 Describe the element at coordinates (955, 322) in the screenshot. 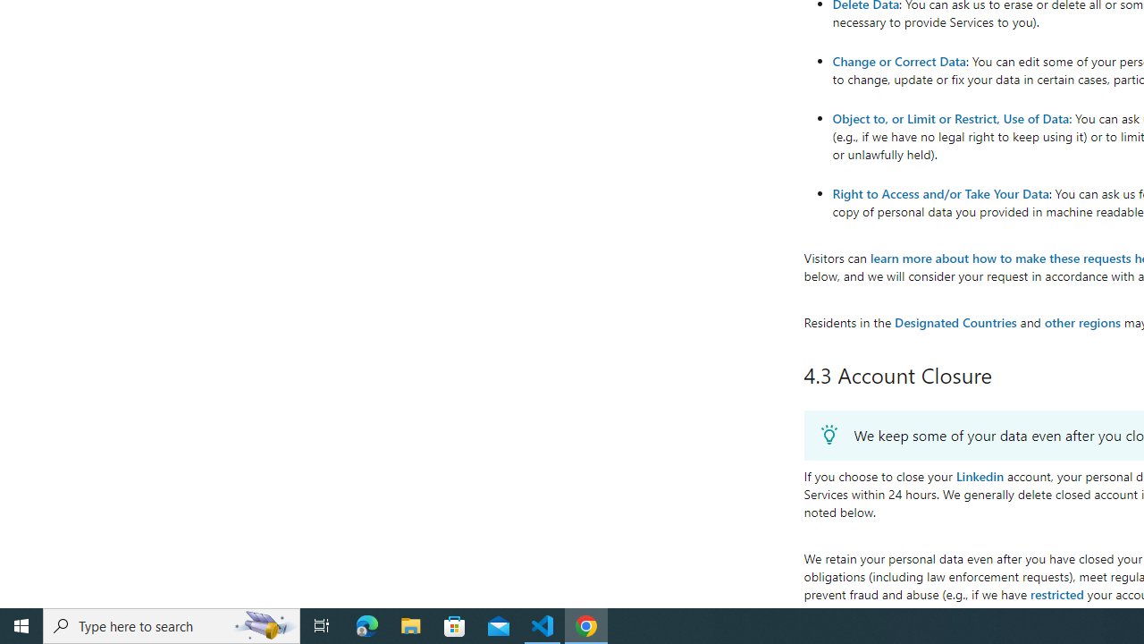

I see `'Designated Countries'` at that location.